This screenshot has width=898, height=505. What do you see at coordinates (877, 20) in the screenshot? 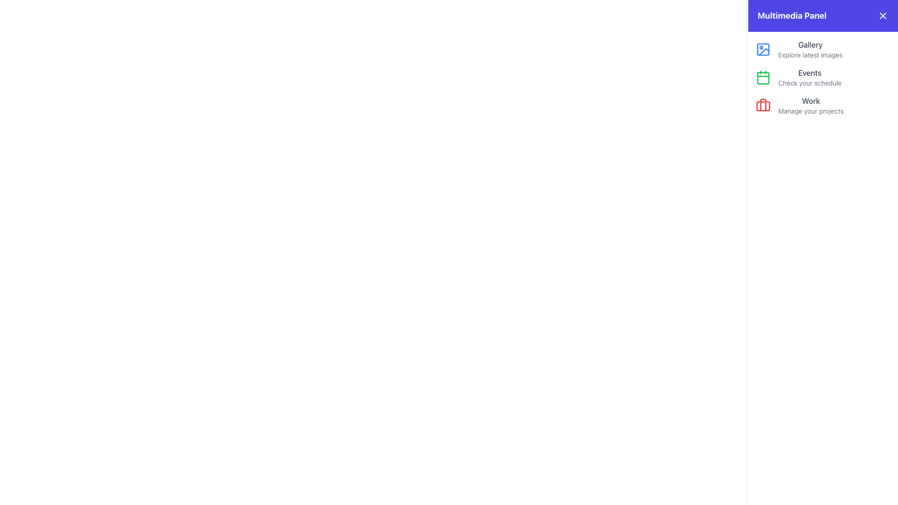
I see `the close button located in the top-right corner of the main interface` at bounding box center [877, 20].